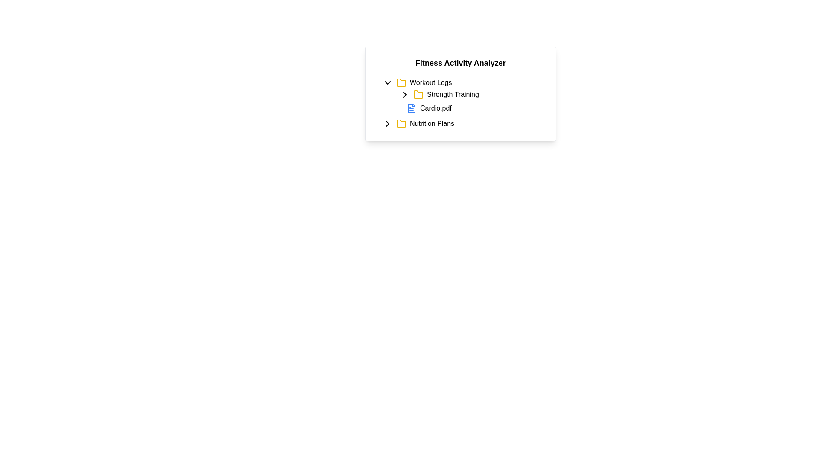  Describe the element at coordinates (432, 123) in the screenshot. I see `the 'Nutrition Plans' text label located at the bottom-most item of the tree-view menu under 'Fitness Activity Analyzer'` at that location.